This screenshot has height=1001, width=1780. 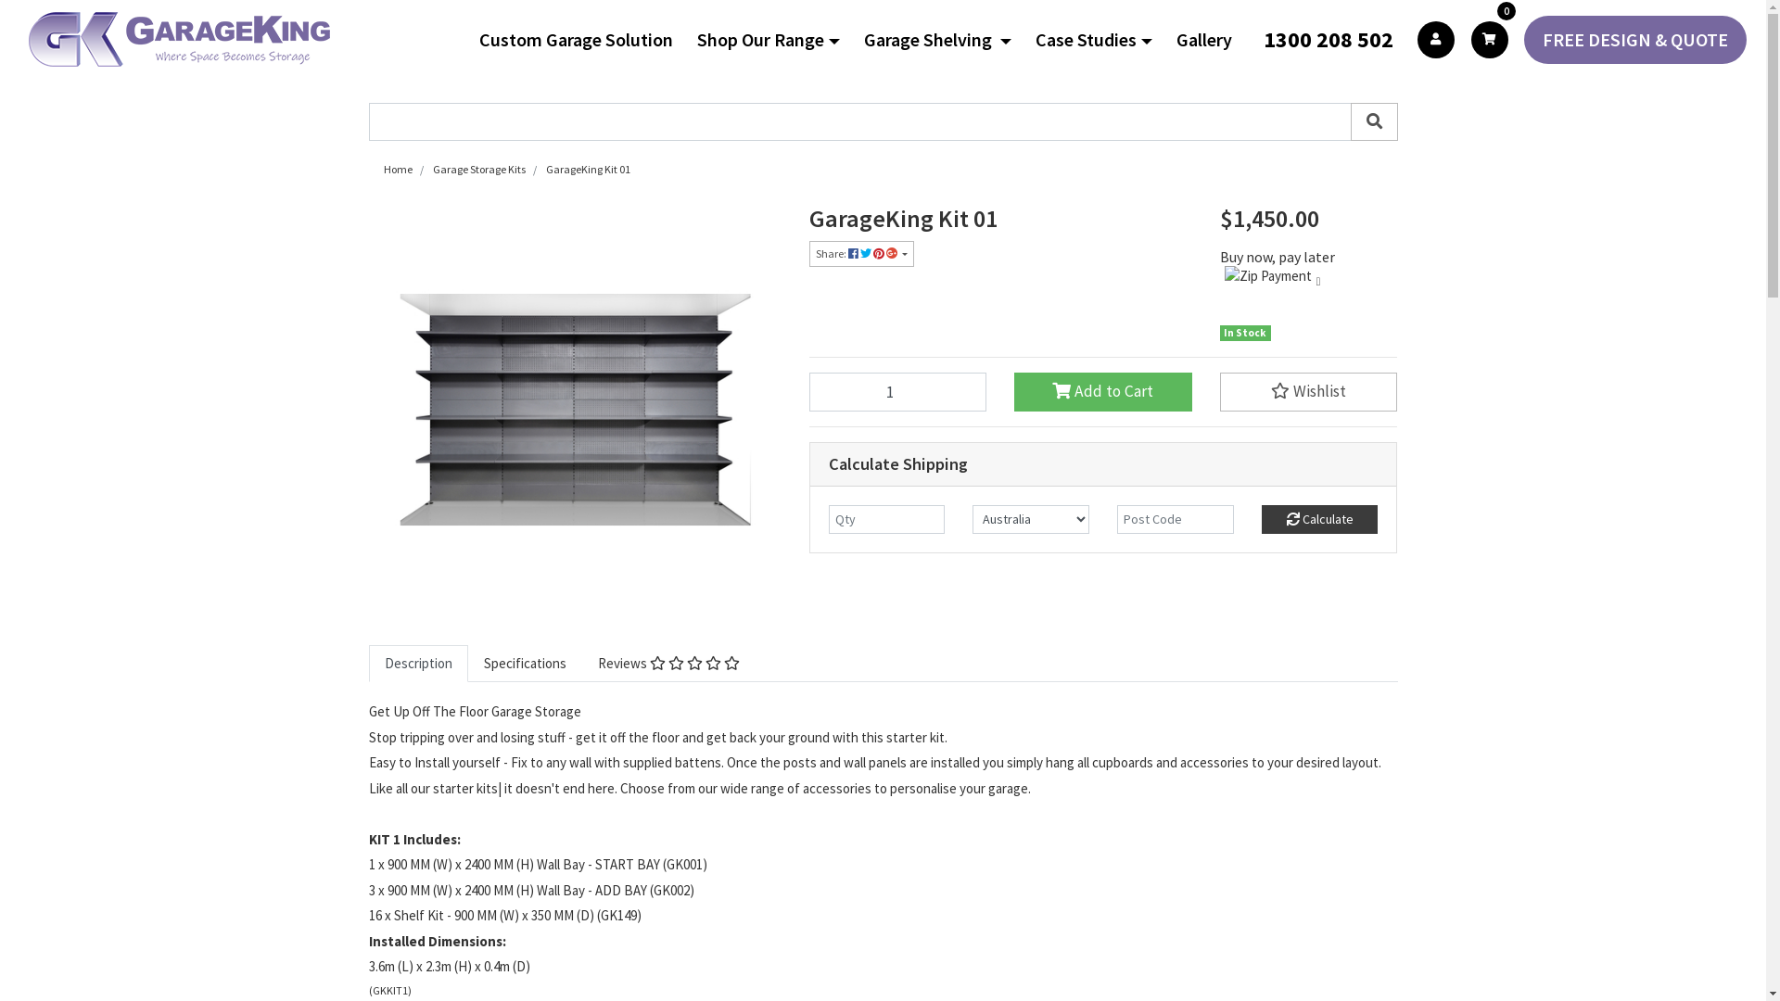 What do you see at coordinates (1319, 519) in the screenshot?
I see `'Calculate'` at bounding box center [1319, 519].